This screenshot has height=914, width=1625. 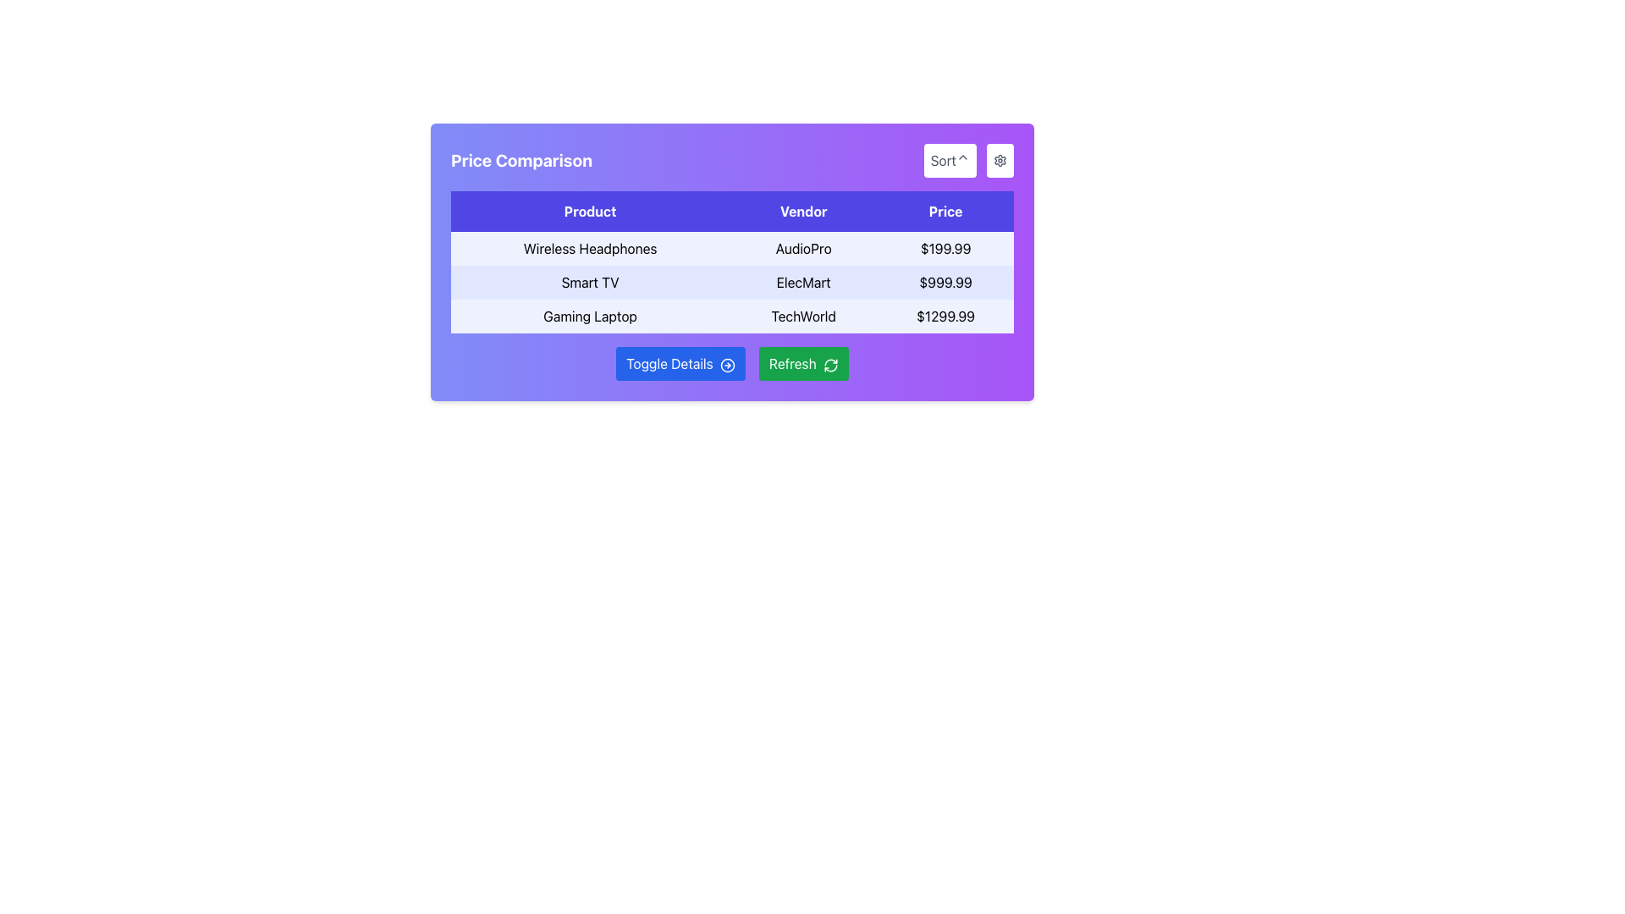 I want to click on the non-interactive text label displaying 'Smart TV' in the second row of the Price Comparison table under the Product column, so click(x=590, y=282).